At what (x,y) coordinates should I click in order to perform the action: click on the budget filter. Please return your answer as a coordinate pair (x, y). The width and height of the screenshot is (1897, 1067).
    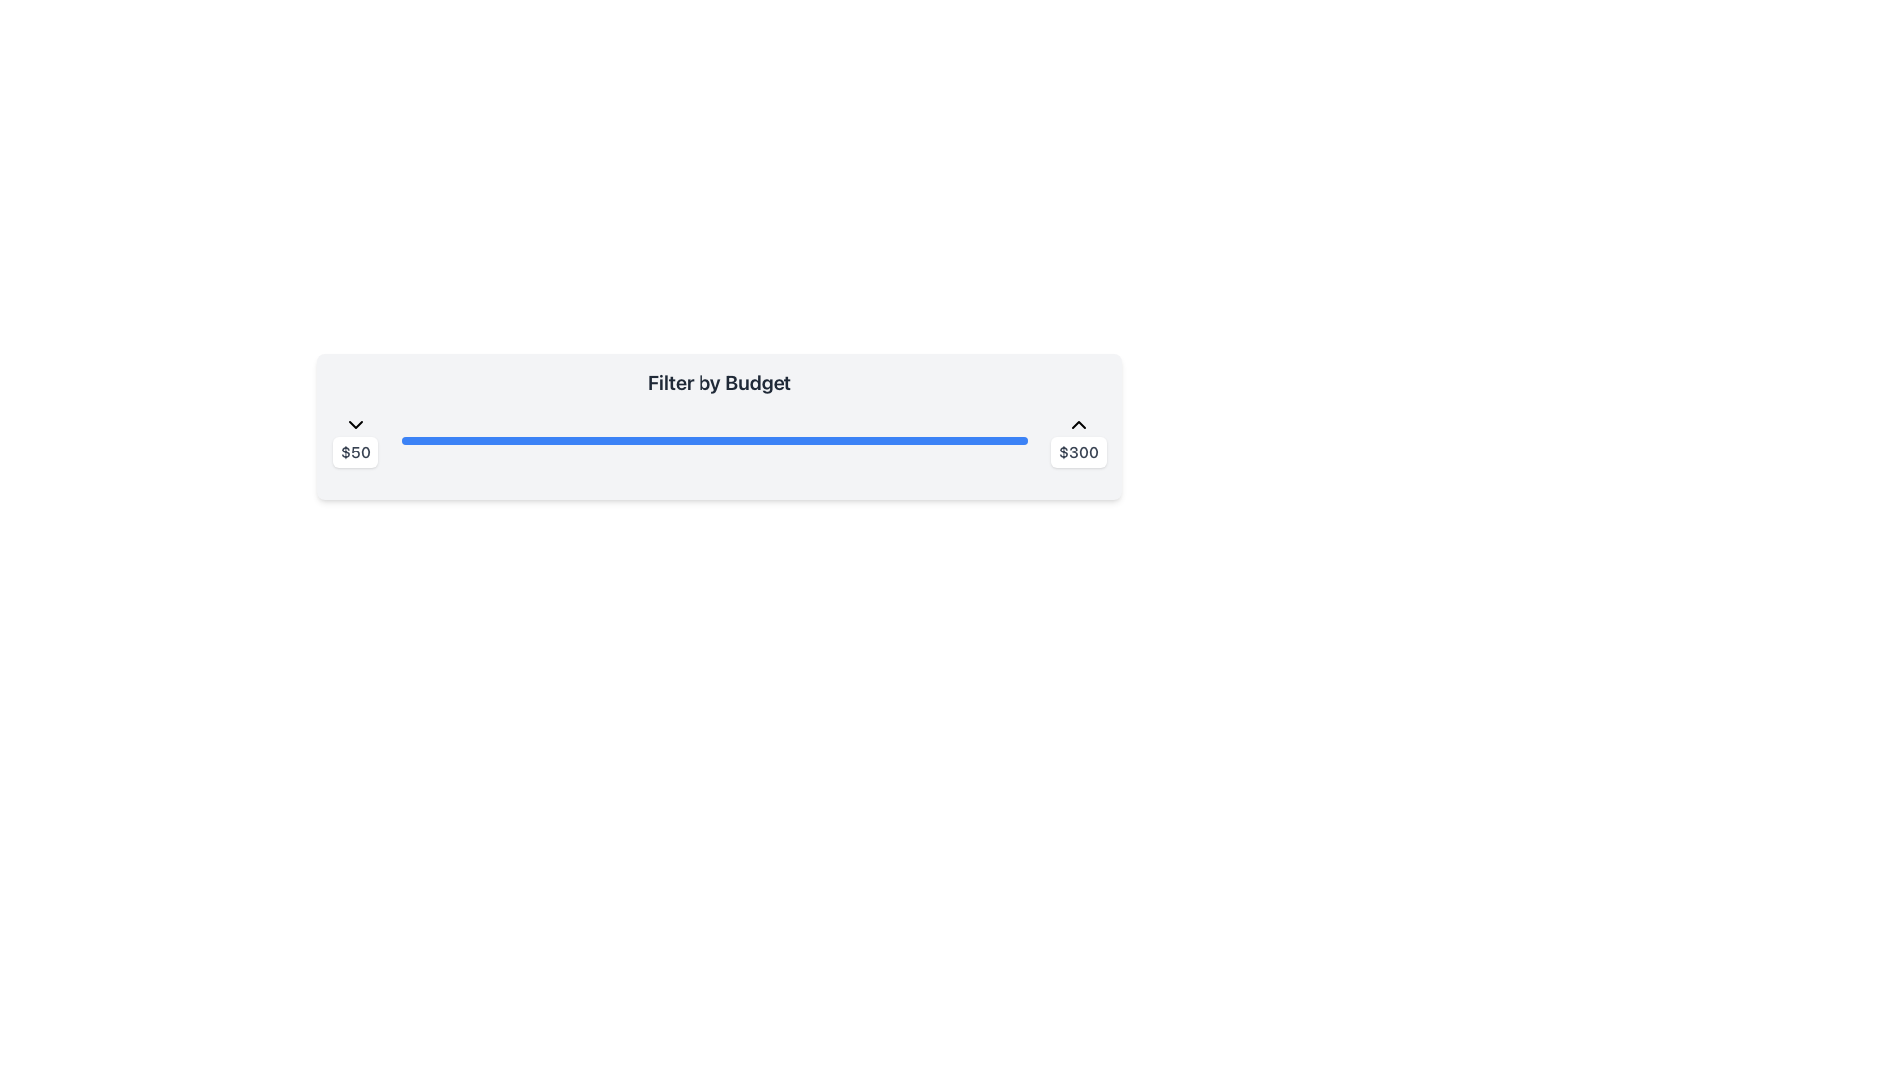
    Looking at the image, I should click on (669, 440).